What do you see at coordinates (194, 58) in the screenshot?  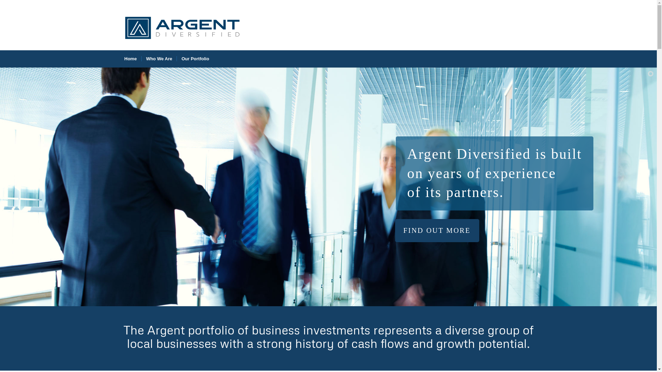 I see `'Our Portfolio'` at bounding box center [194, 58].